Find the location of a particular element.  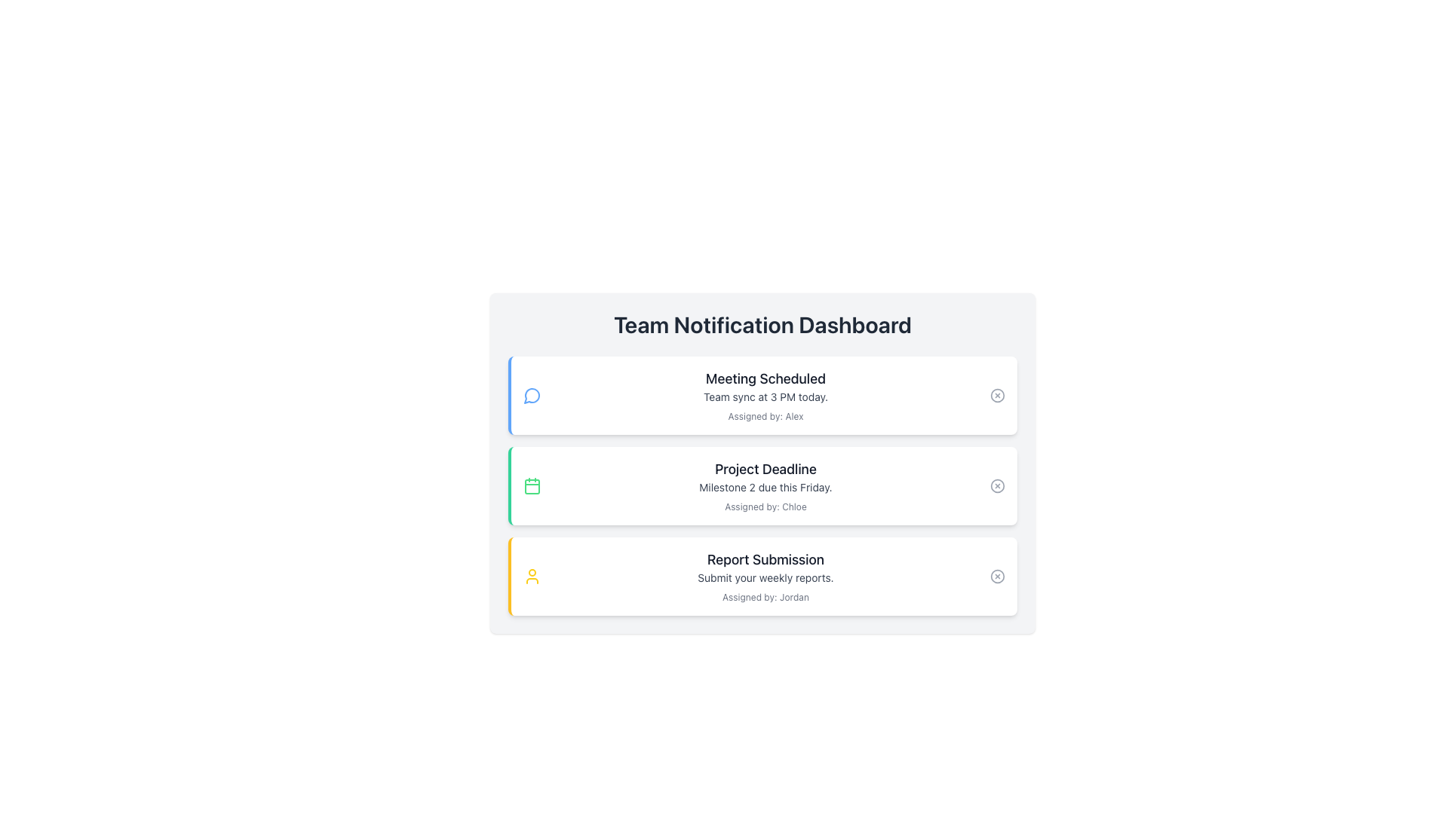

the user-focused context icon located within the third card of the notification dashboard, adjacent to the 'Report Submission' heading is located at coordinates (532, 576).